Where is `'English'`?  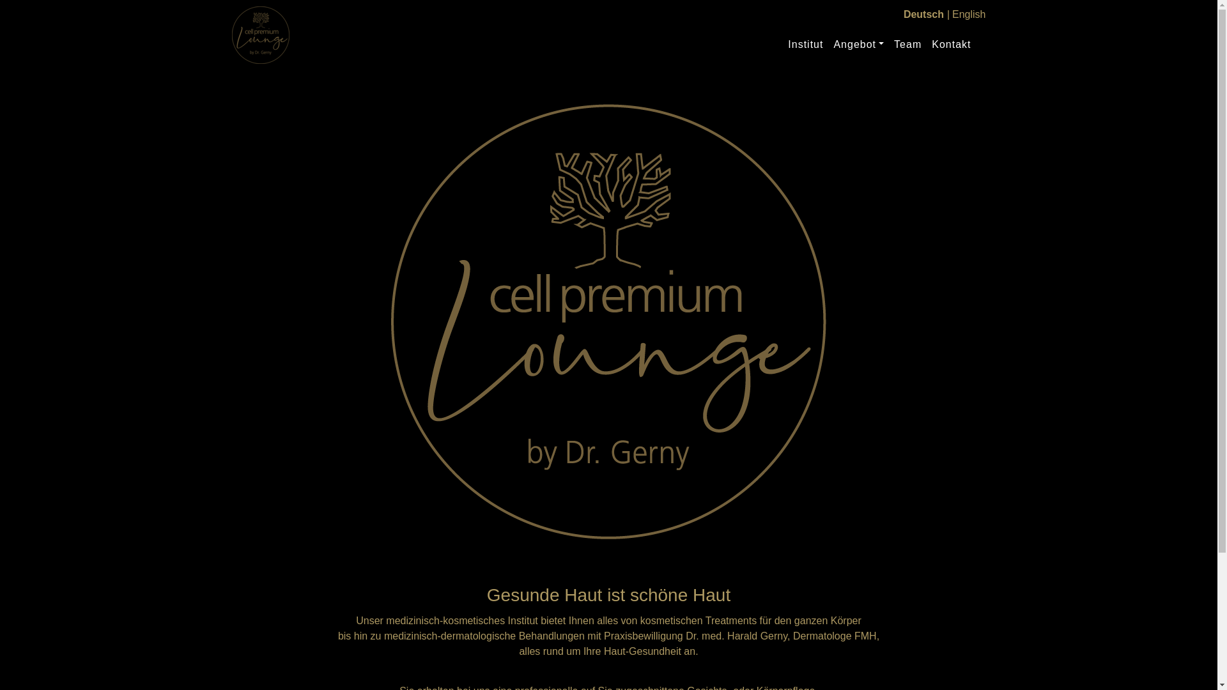 'English' is located at coordinates (969, 14).